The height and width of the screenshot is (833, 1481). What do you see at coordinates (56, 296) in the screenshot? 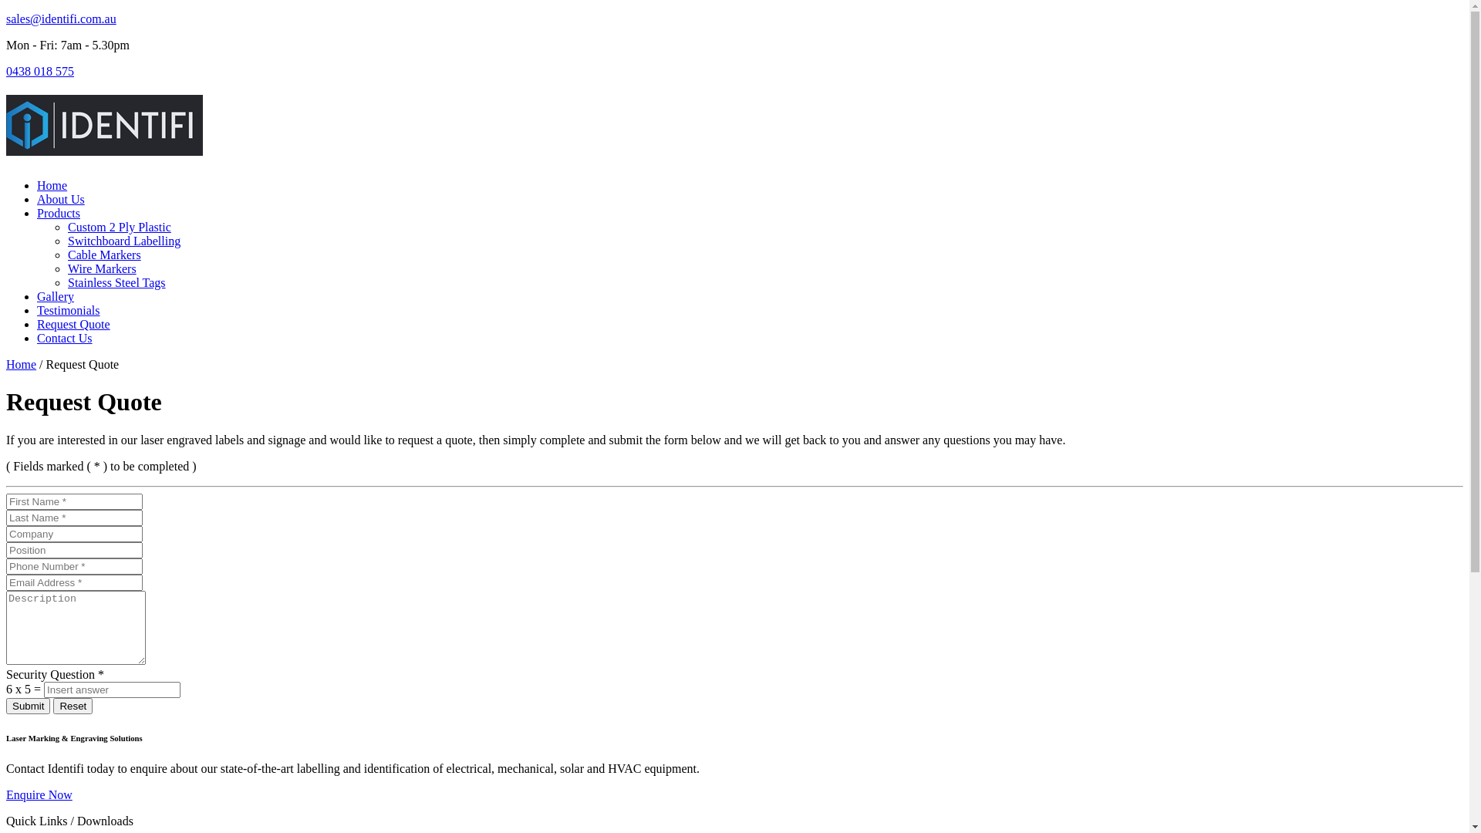
I see `'Gallery'` at bounding box center [56, 296].